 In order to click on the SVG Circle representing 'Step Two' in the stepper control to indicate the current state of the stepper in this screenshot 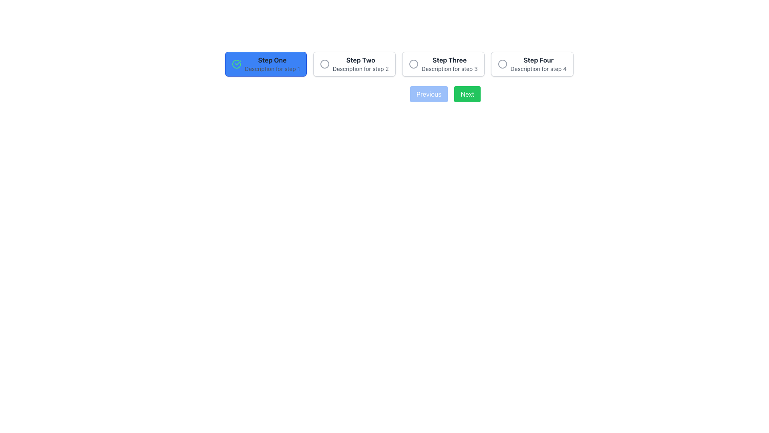, I will do `click(324, 63)`.